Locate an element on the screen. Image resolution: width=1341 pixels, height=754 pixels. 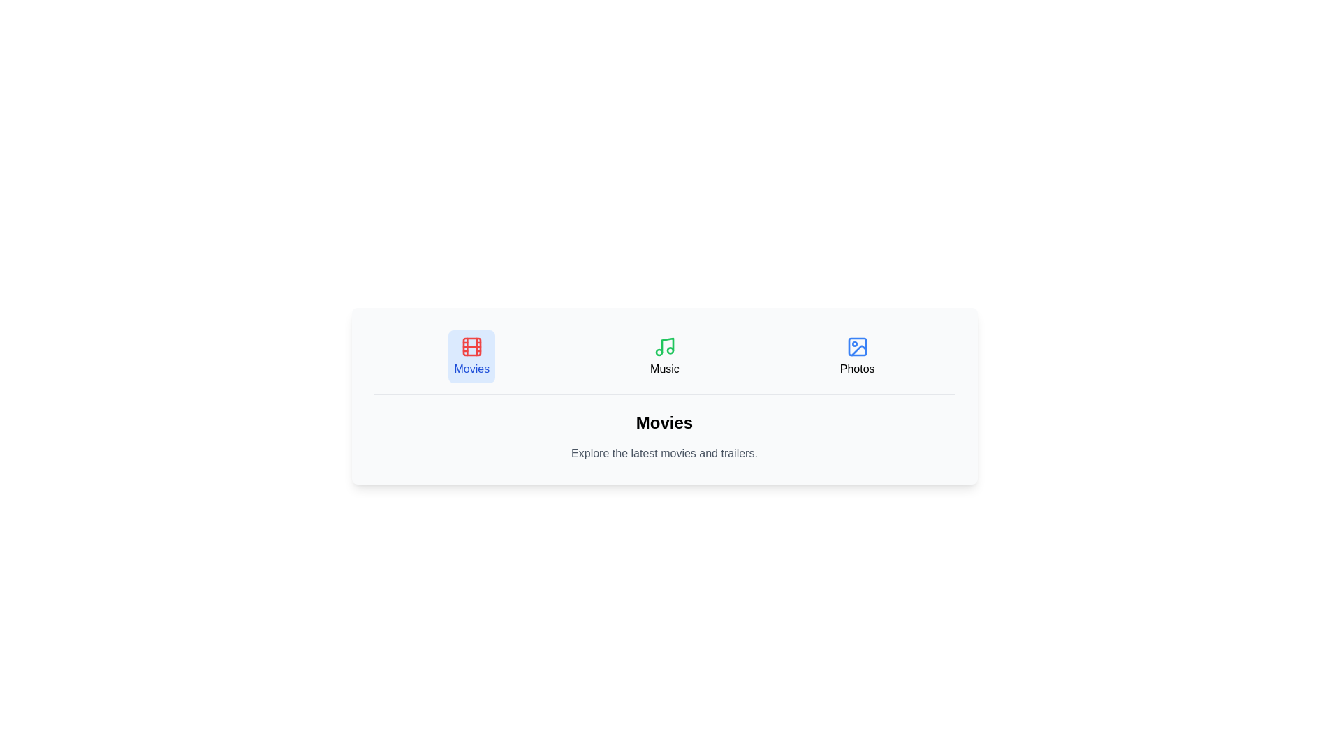
the tab labeled Photos to switch the content is located at coordinates (856, 355).